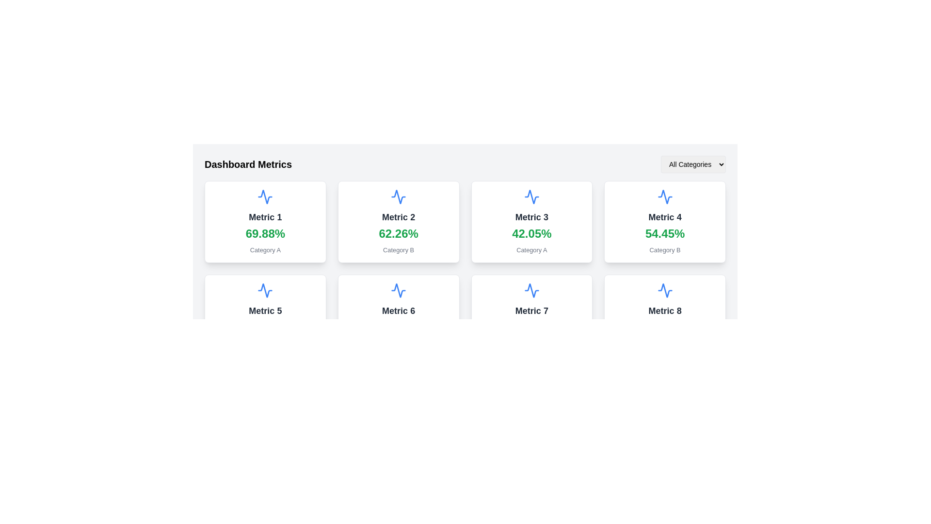 The height and width of the screenshot is (524, 931). What do you see at coordinates (531, 311) in the screenshot?
I see `the text label displaying 'Metric 7' which is styled in dark gray and located within a white card interface, positioned below the icon and above the percentage text '50.06%` at bounding box center [531, 311].